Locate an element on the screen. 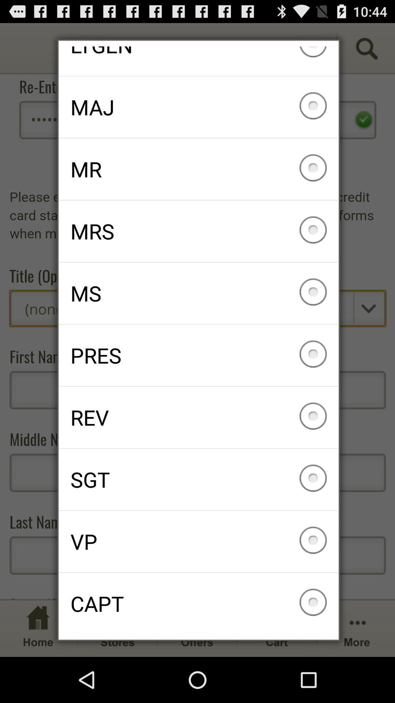  capt checkbox is located at coordinates (198, 603).